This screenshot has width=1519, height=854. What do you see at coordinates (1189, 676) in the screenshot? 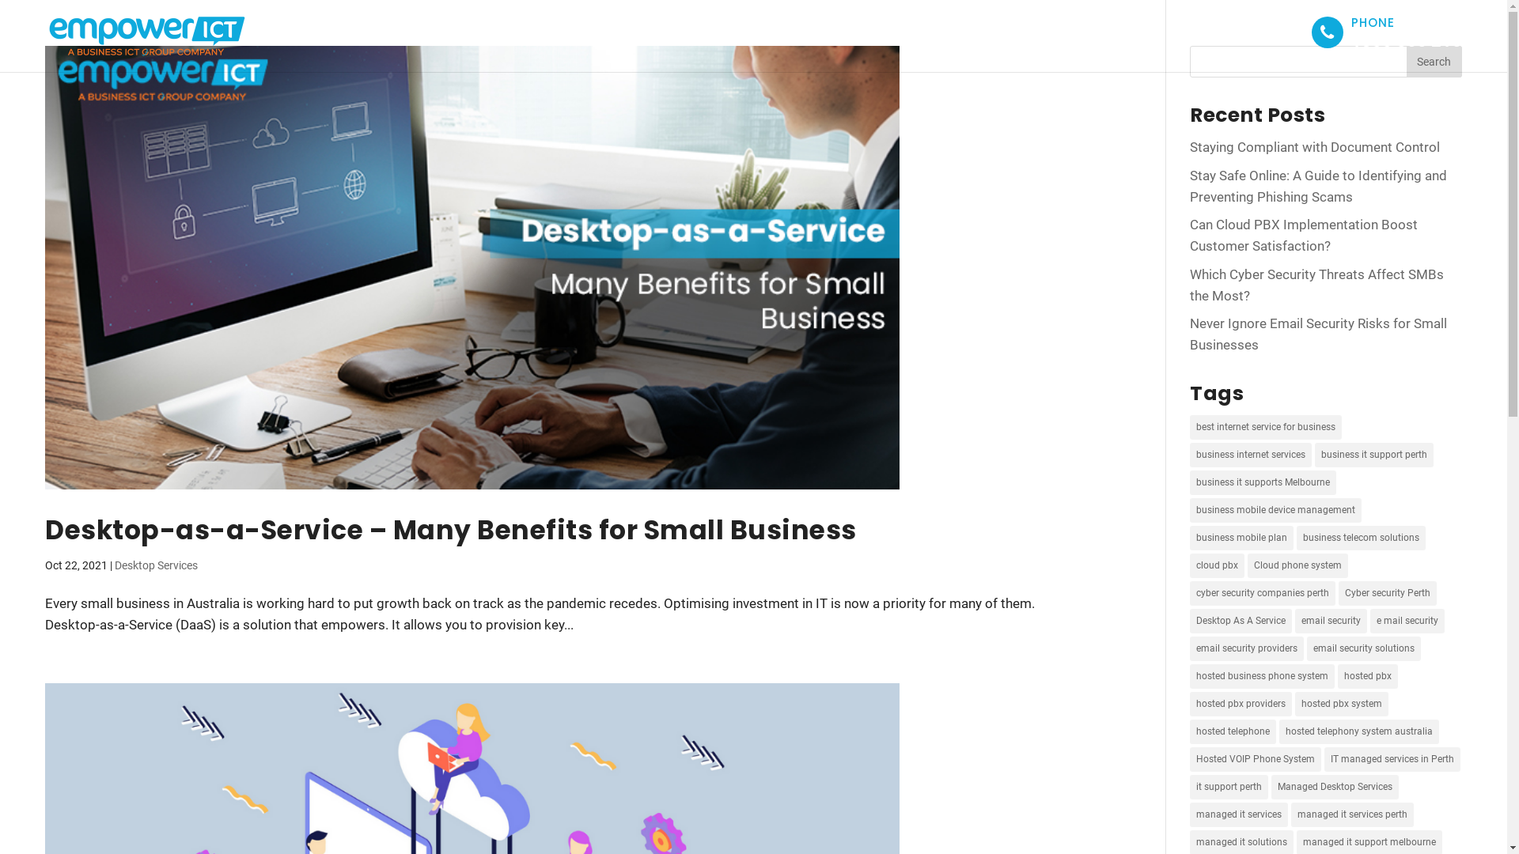
I see `'hosted business phone system'` at bounding box center [1189, 676].